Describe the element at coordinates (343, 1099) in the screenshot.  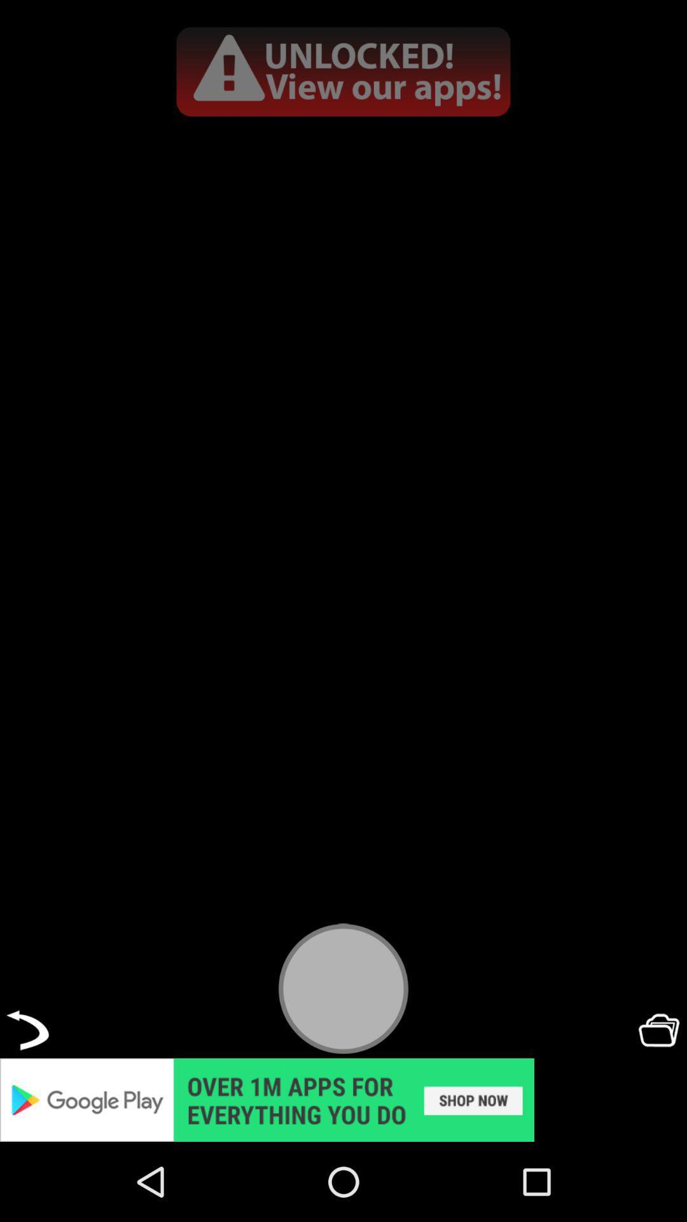
I see `unlocked` at that location.